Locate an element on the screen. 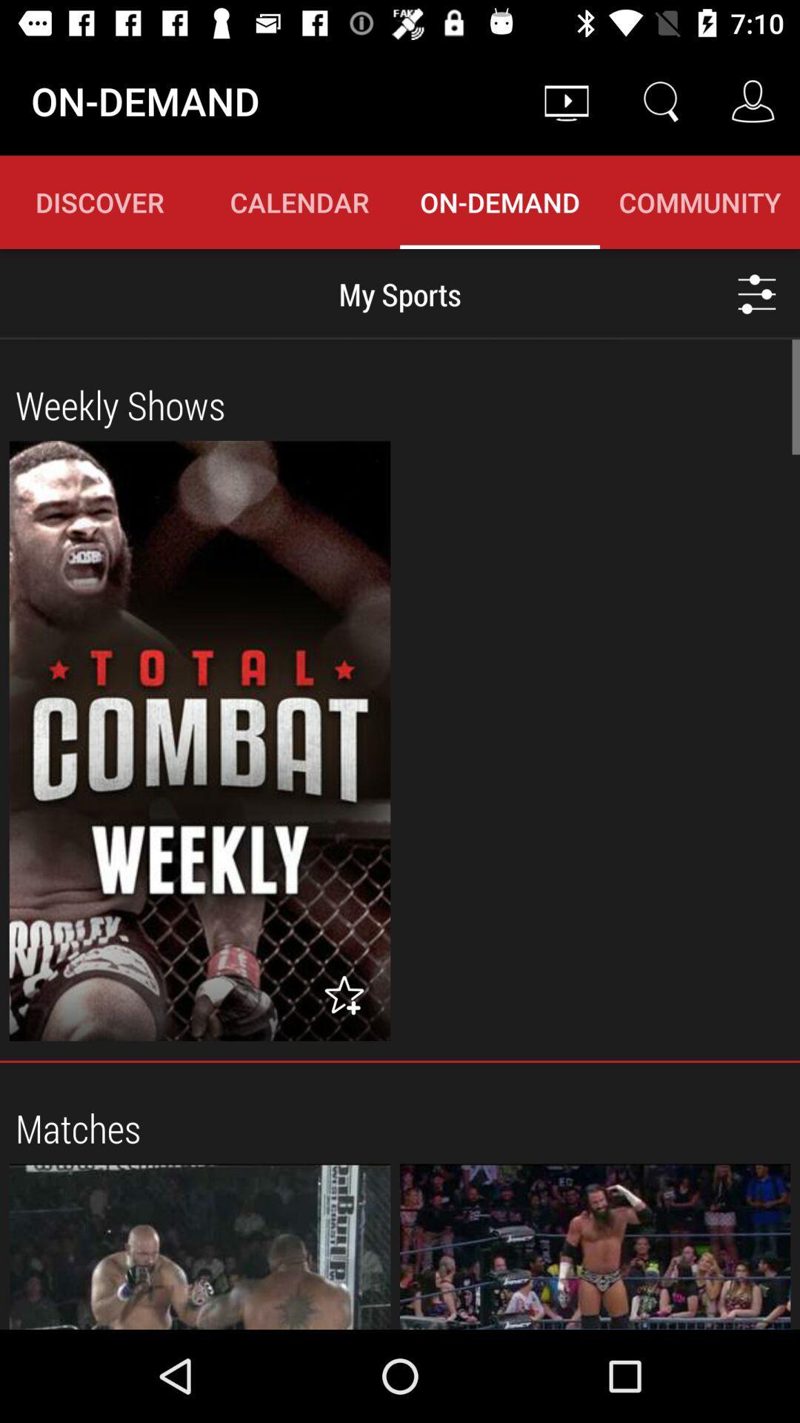 This screenshot has width=800, height=1423. icon left side to search icon is located at coordinates (566, 101).